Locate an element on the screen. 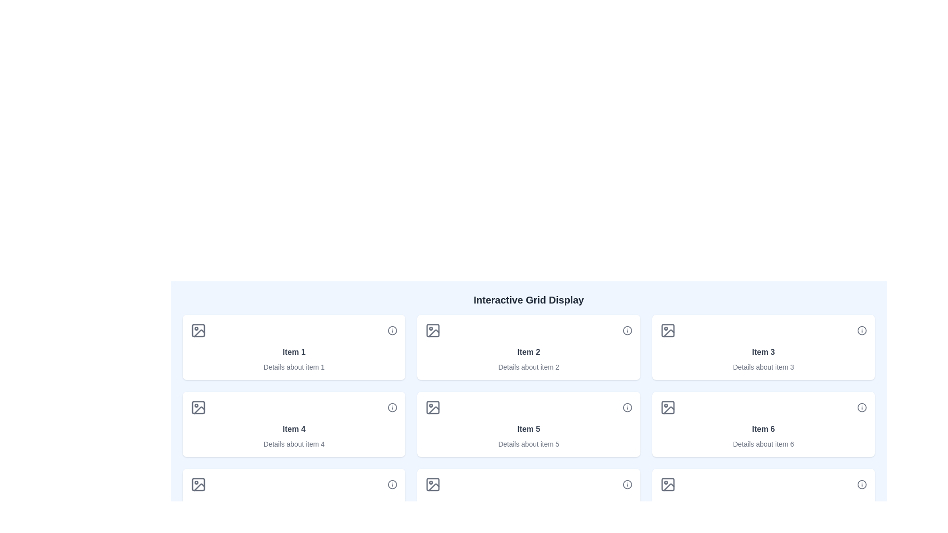  text label displaying 'Details about item 2', which is styled in muted gray and positioned below the bold title 'Item 2' in a grid layout is located at coordinates (528, 367).